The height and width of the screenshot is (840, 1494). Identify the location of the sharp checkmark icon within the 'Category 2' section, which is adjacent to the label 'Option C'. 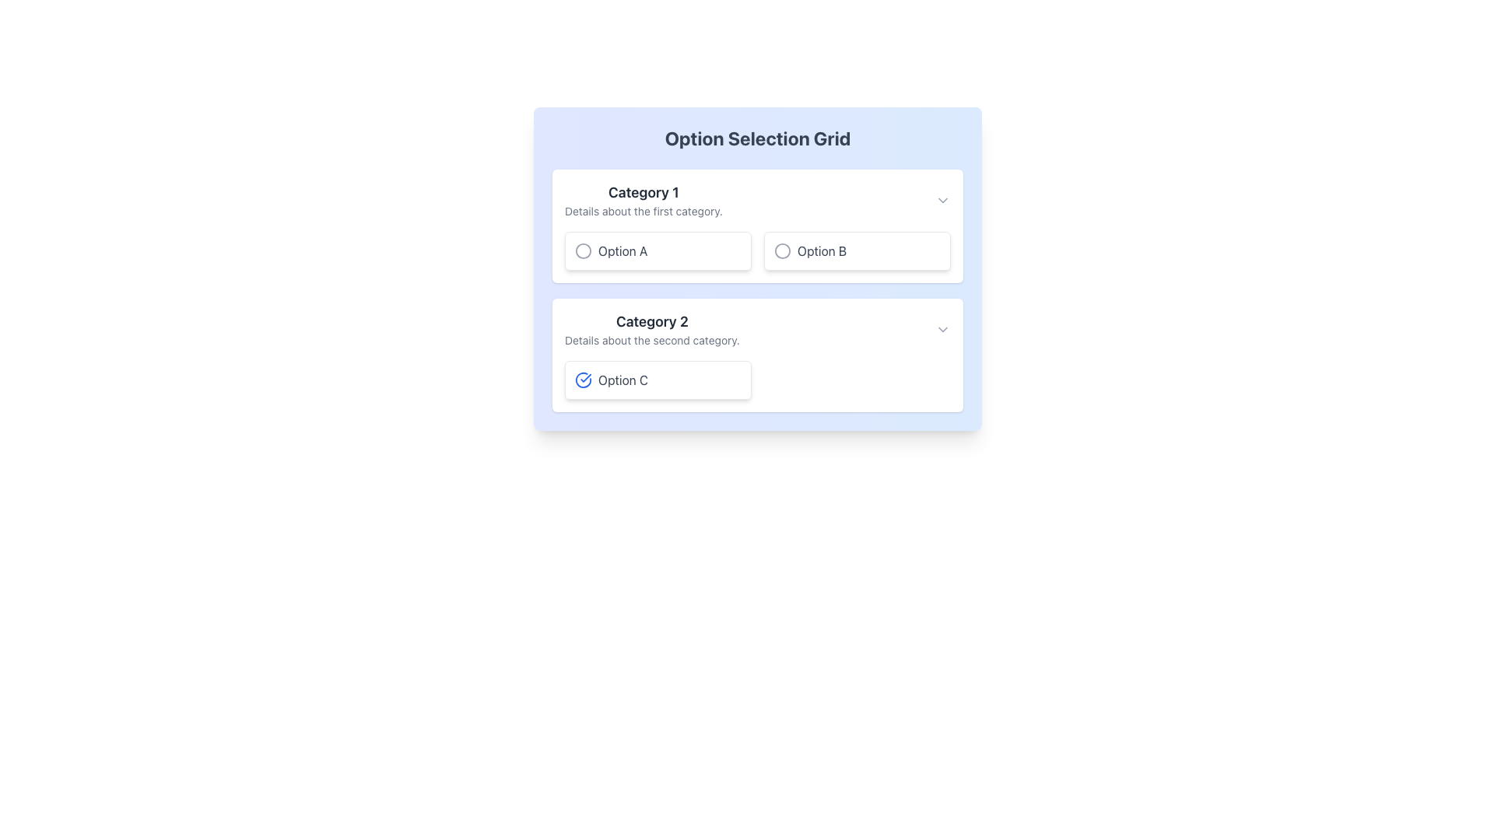
(585, 378).